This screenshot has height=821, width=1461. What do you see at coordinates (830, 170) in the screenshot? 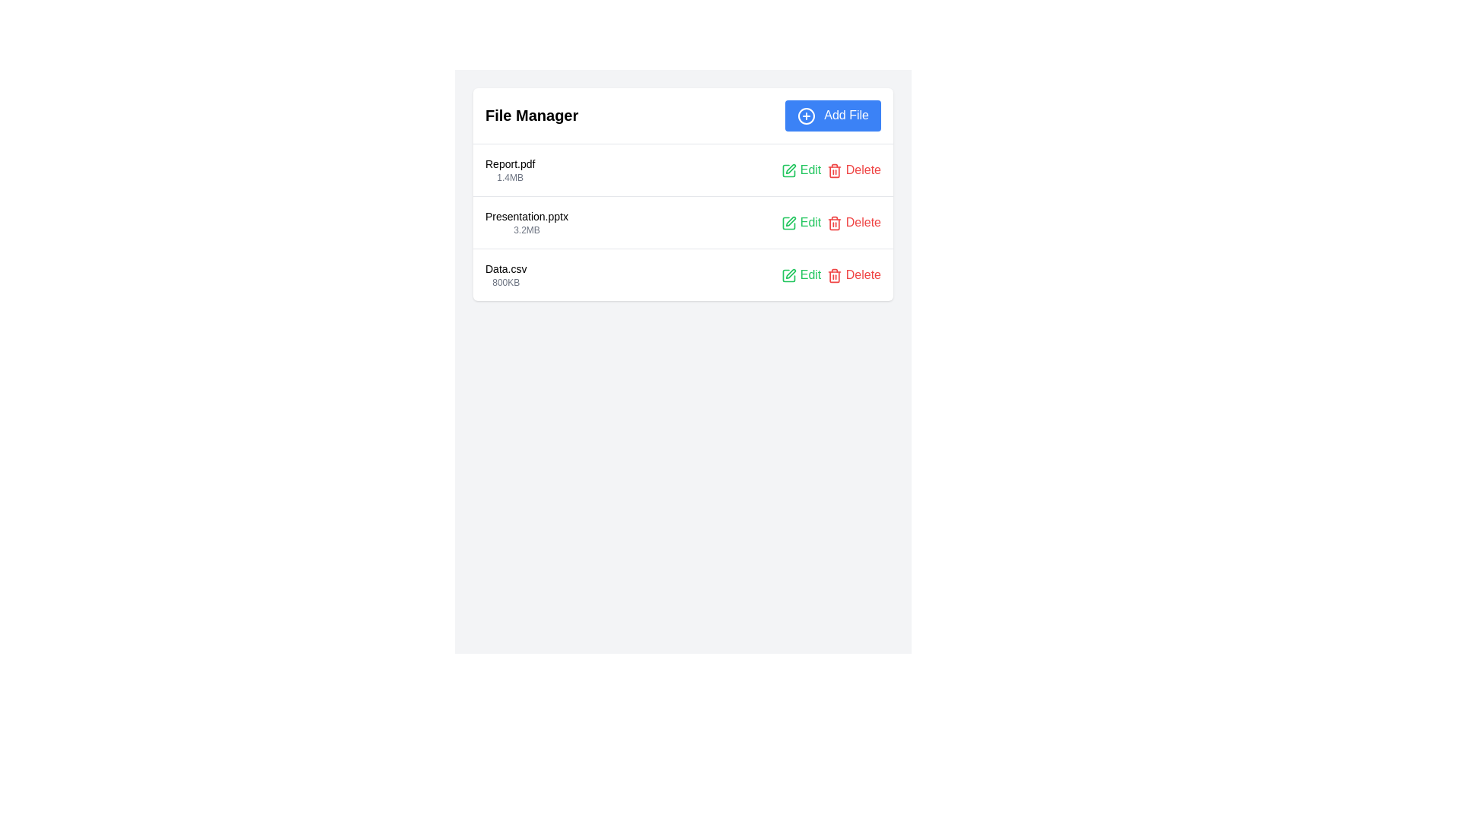
I see `the 'Delete' button, which is styled in red and positioned next to the 'Edit' button in the interactive segment for file management` at bounding box center [830, 170].